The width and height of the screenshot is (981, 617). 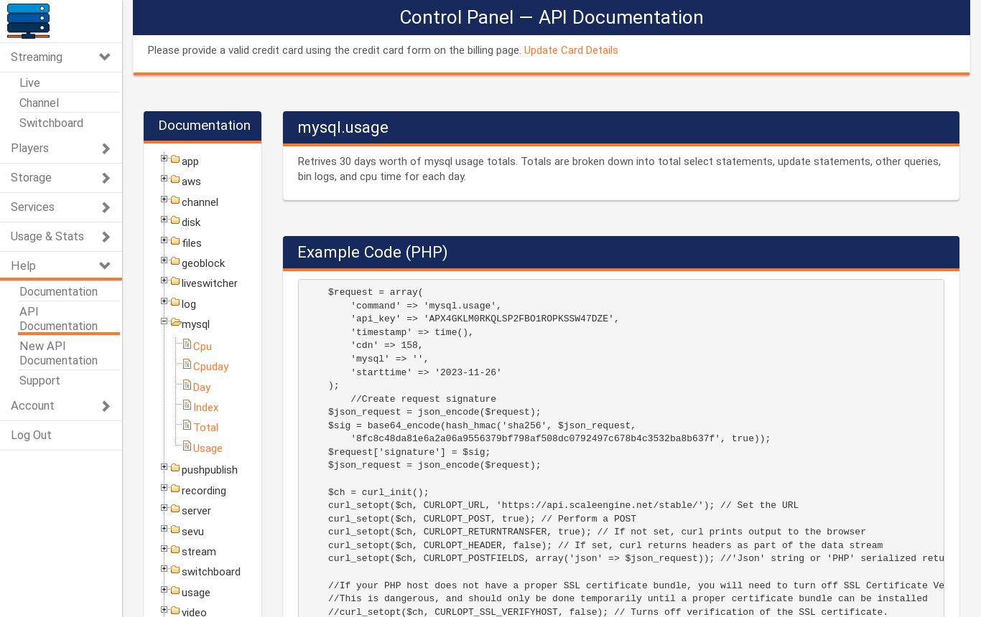 I want to click on 'switchboard', so click(x=181, y=571).